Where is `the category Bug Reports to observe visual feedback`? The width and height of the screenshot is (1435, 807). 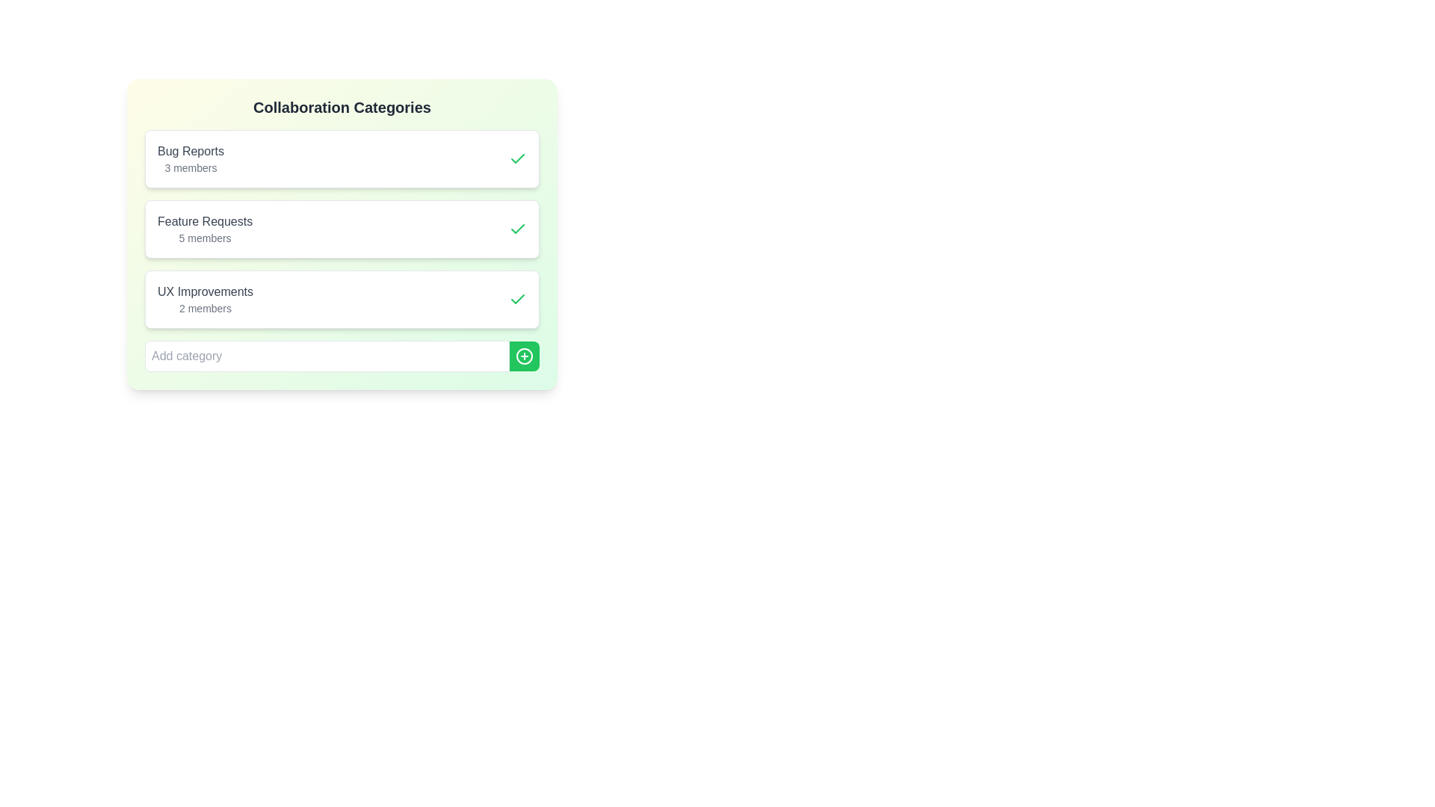
the category Bug Reports to observe visual feedback is located at coordinates (341, 158).